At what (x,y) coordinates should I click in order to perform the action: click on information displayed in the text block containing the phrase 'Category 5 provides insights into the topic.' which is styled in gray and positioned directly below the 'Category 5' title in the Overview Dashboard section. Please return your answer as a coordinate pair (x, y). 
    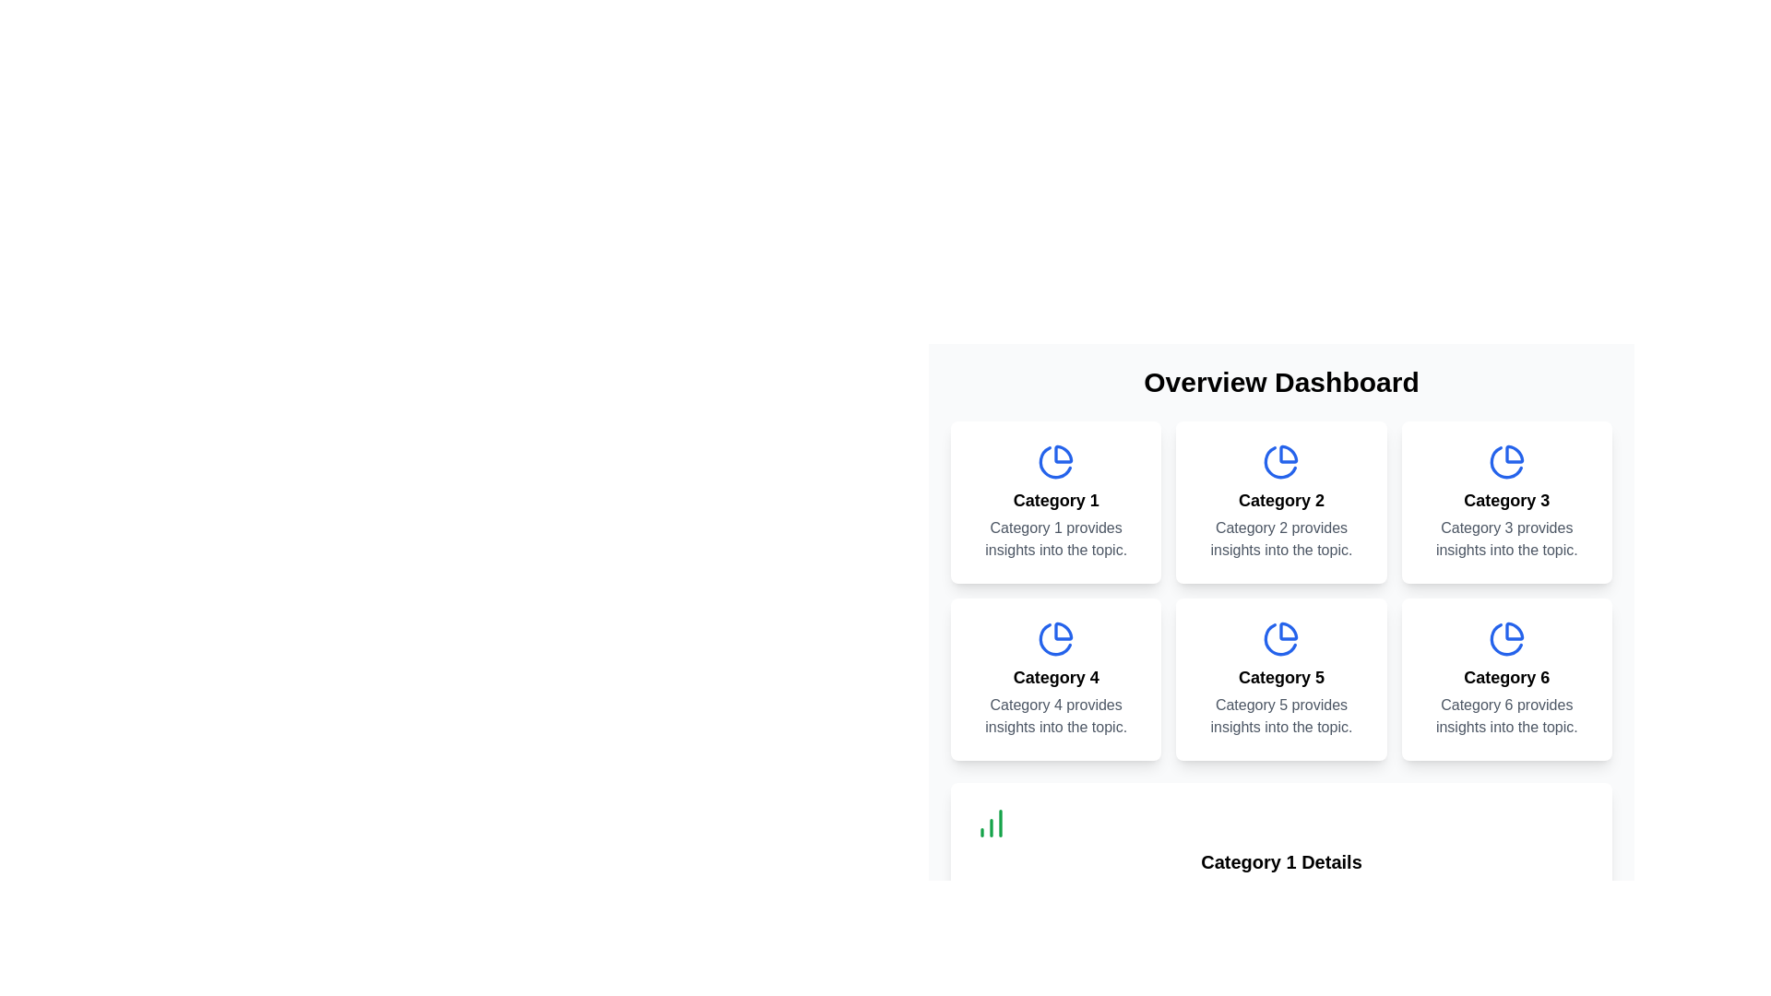
    Looking at the image, I should click on (1280, 715).